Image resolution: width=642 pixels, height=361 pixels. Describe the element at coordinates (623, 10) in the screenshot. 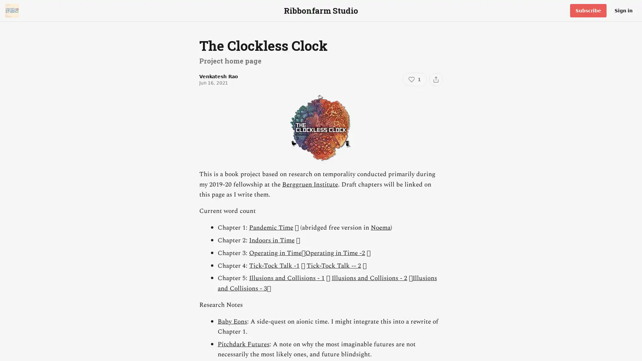

I see `Sign in` at that location.